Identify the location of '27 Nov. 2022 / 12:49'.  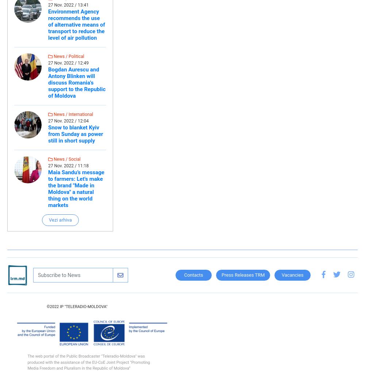
(68, 63).